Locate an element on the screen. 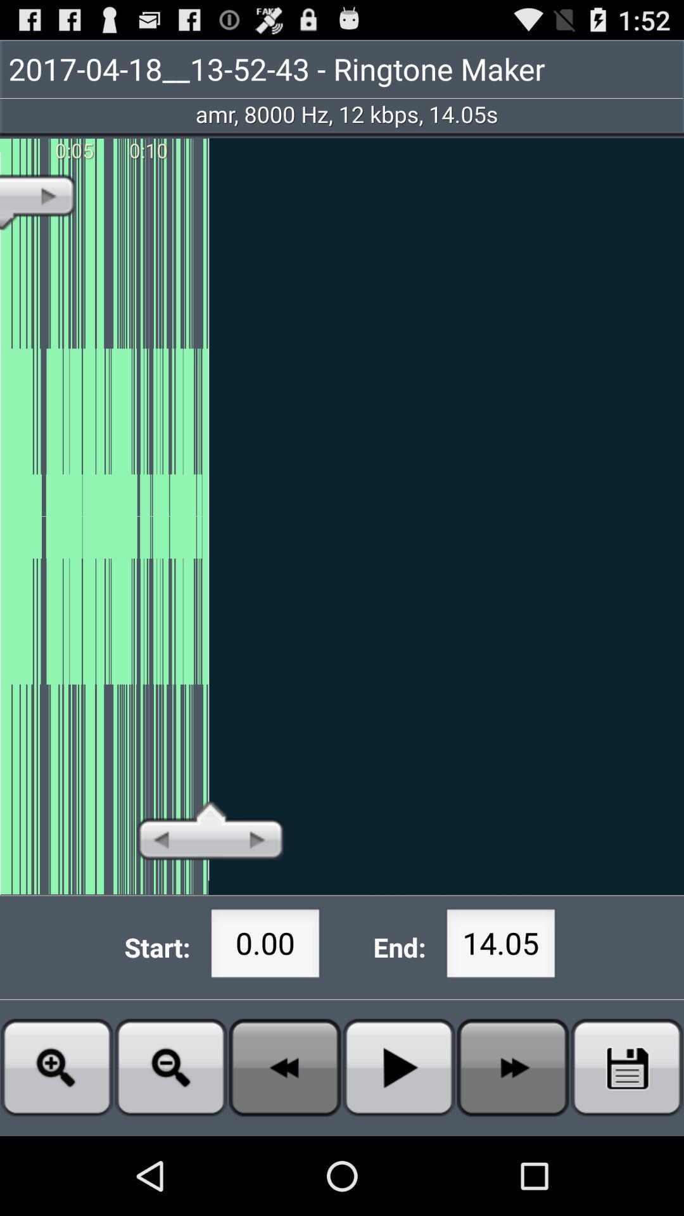 This screenshot has height=1216, width=684. the music clip is located at coordinates (627, 1067).